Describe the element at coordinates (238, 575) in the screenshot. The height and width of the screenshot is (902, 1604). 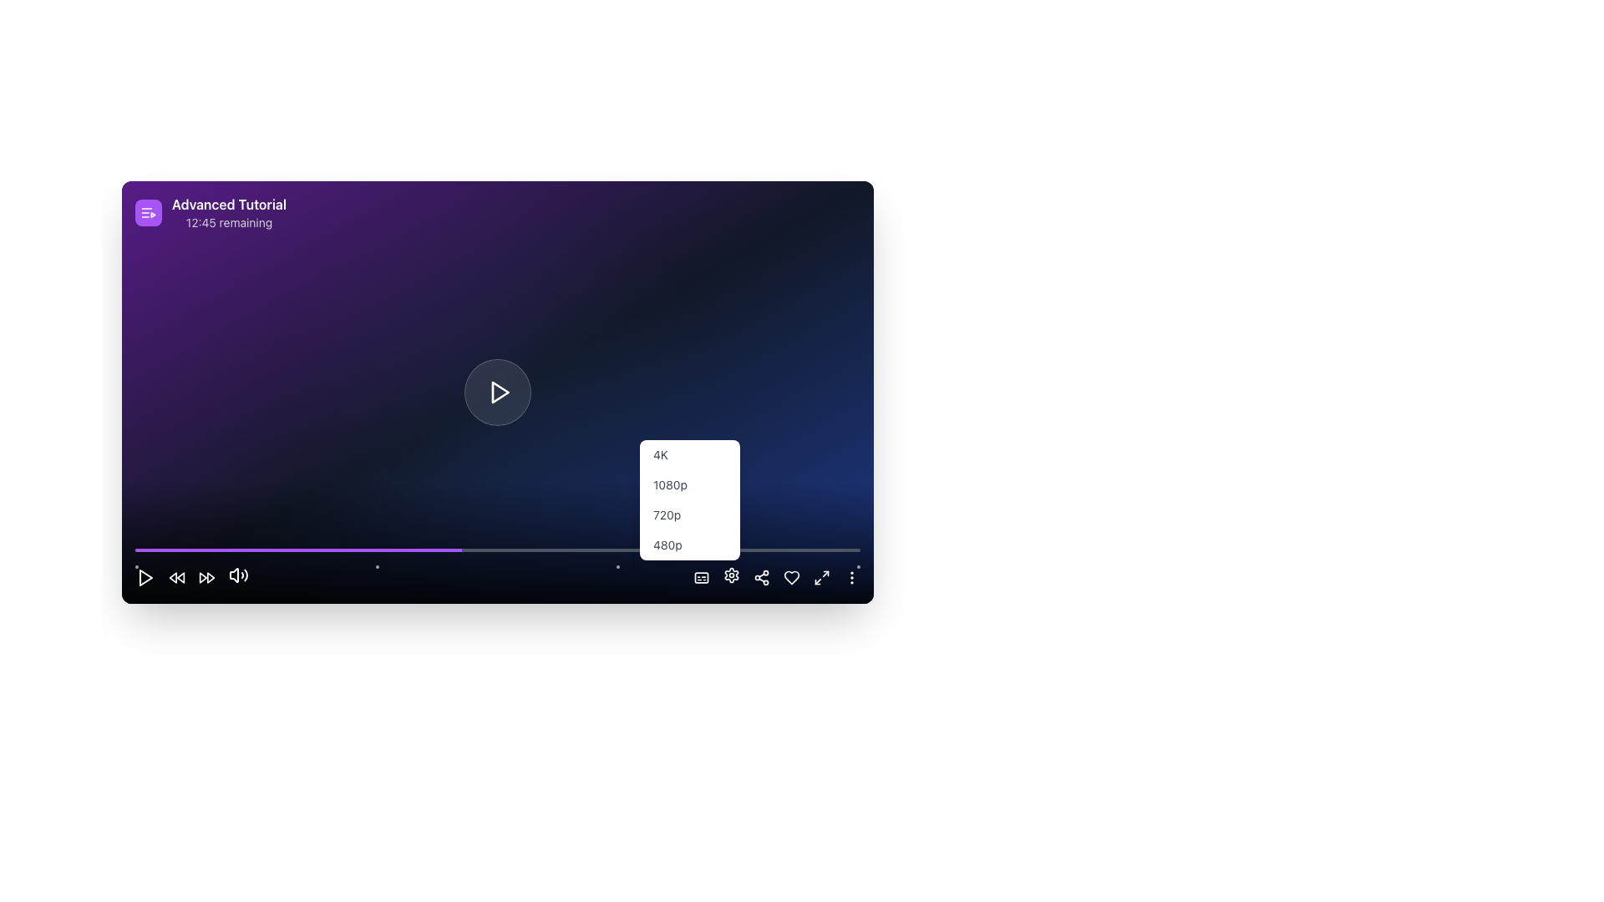
I see `the volume control button, represented by a speaker icon` at that location.